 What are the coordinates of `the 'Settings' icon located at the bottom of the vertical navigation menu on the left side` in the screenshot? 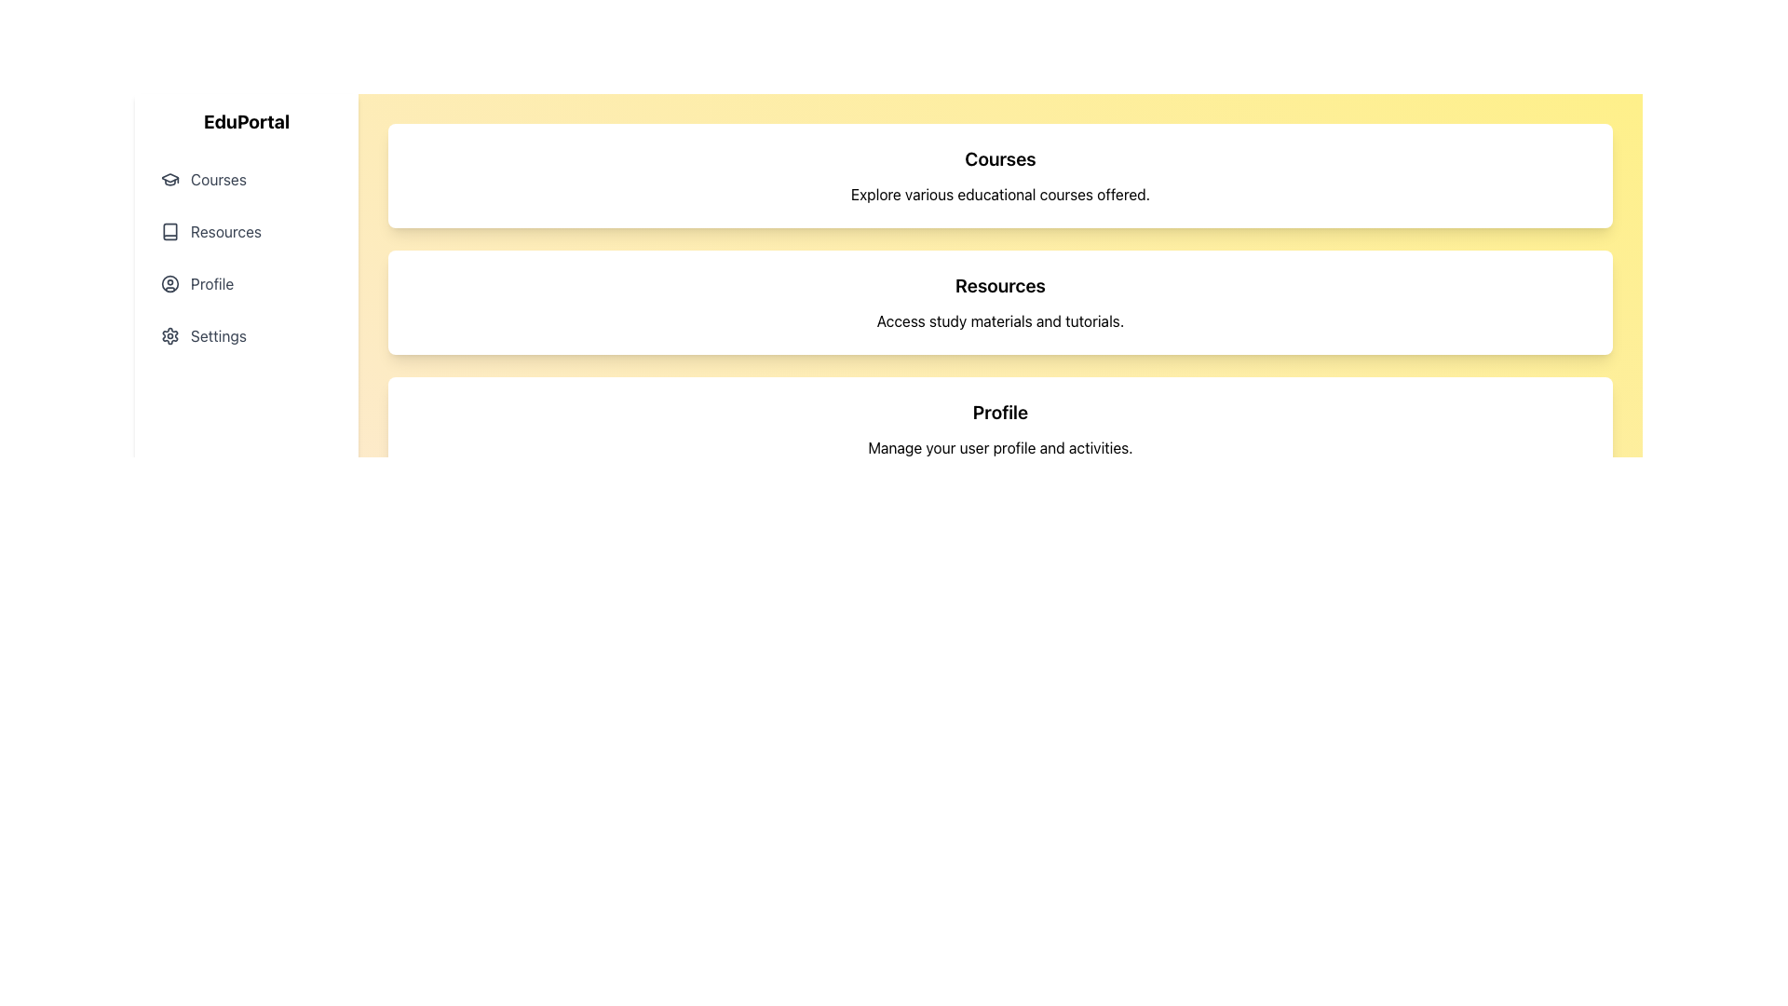 It's located at (169, 336).